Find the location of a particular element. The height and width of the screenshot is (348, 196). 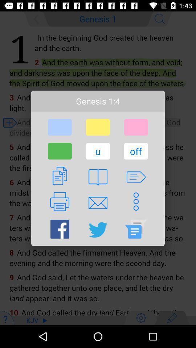

item to the right of the u icon is located at coordinates (136, 151).